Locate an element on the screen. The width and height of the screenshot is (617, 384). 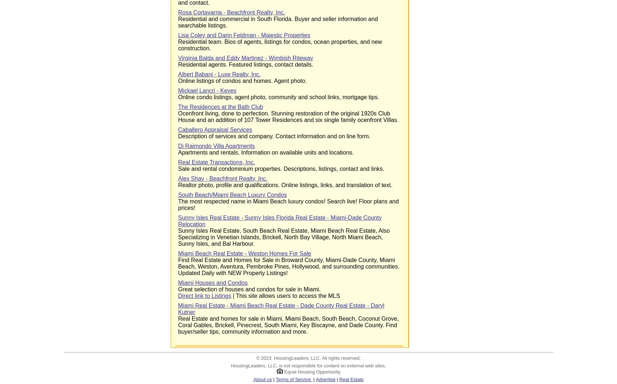
'HousingLeaders, LLC. is not responsible for content on external web sites.' is located at coordinates (308, 365).